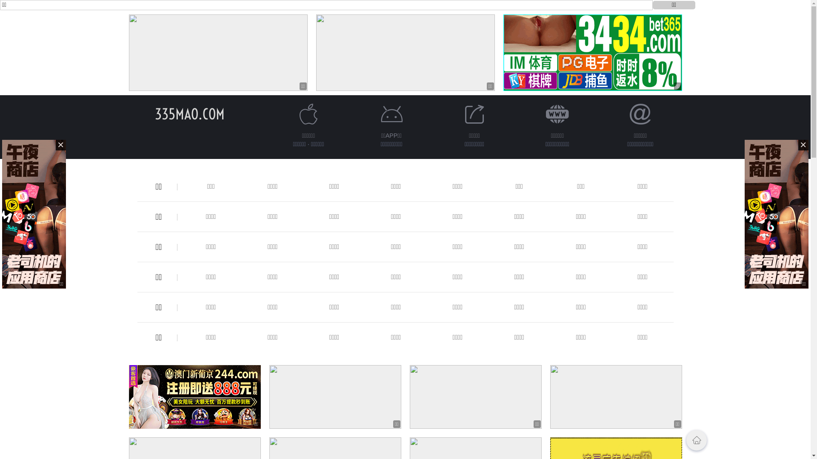 The height and width of the screenshot is (459, 817). What do you see at coordinates (155, 113) in the screenshot?
I see `'335MAO.COM'` at bounding box center [155, 113].